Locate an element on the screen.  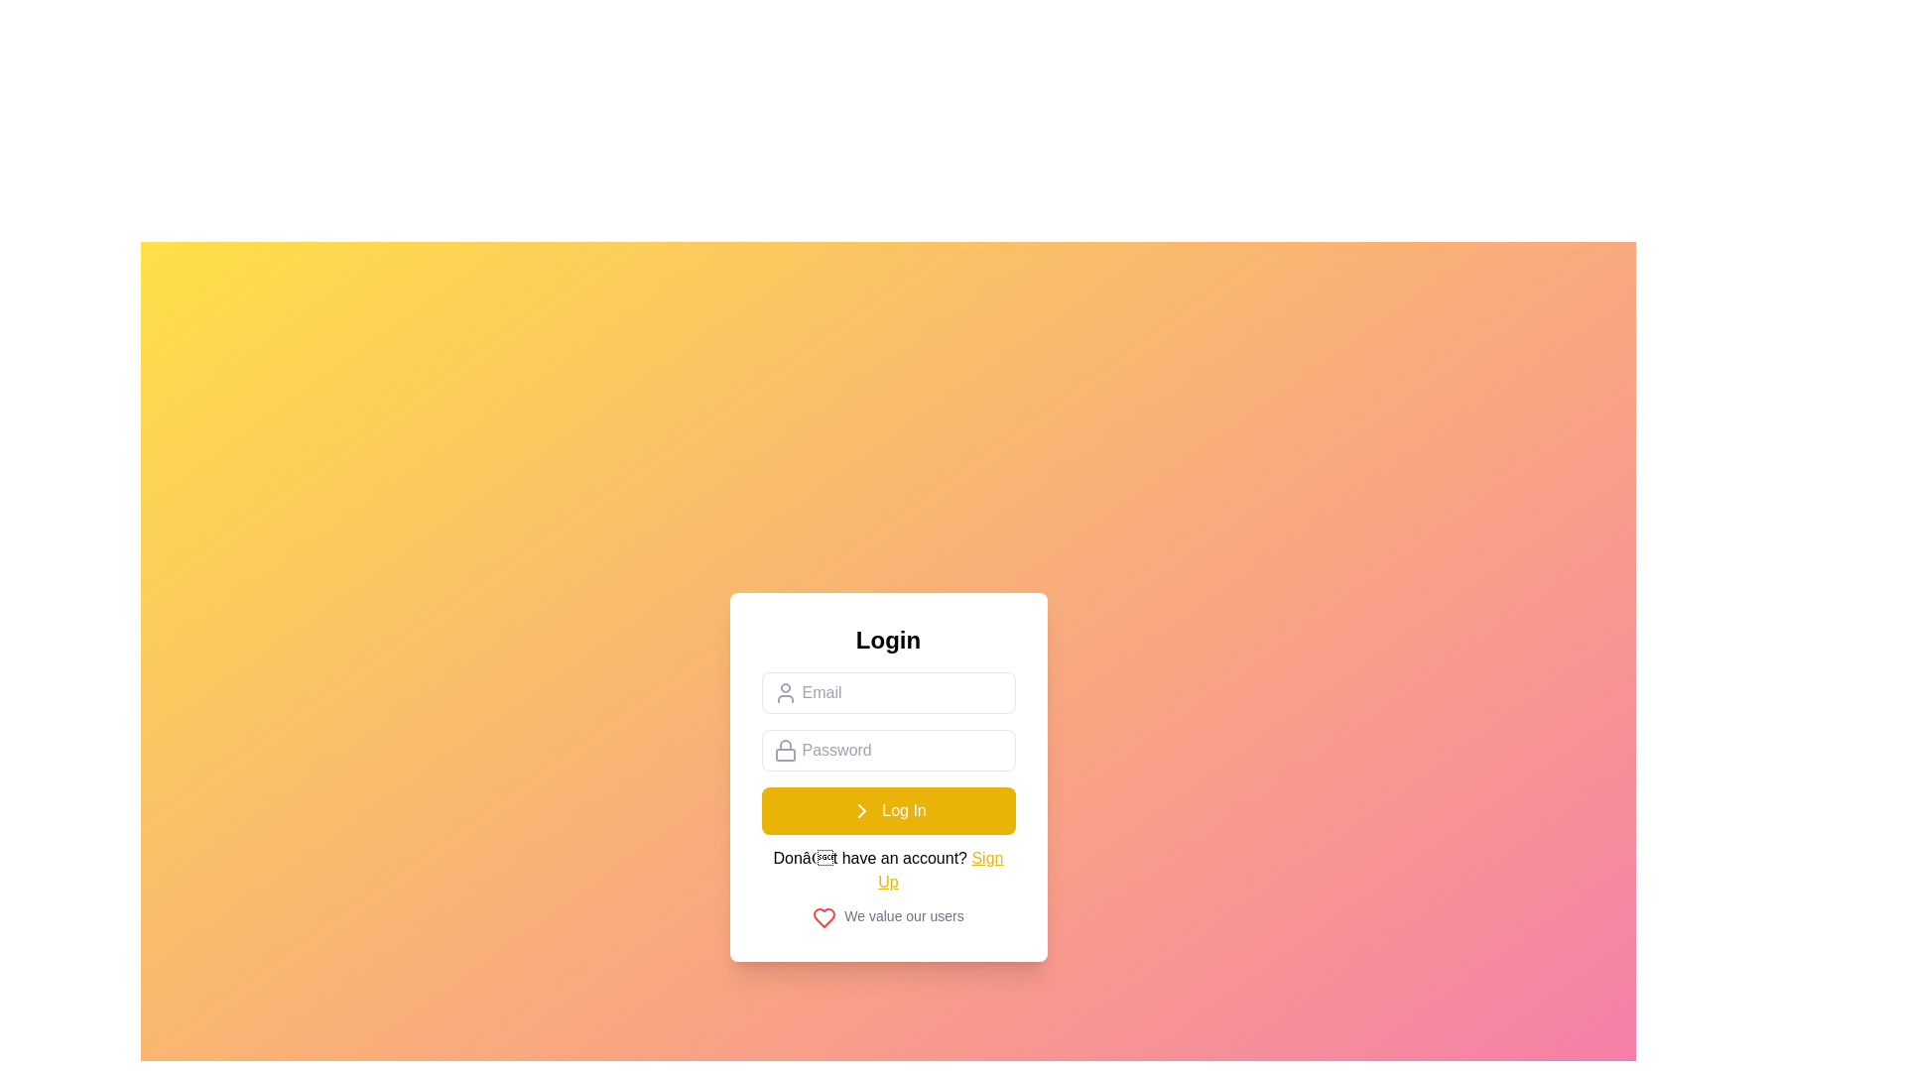
the horizontal combination of a red heart icon and gray text saying 'We value our users', located just below the 'Sign Up' text in the central login form is located at coordinates (887, 917).